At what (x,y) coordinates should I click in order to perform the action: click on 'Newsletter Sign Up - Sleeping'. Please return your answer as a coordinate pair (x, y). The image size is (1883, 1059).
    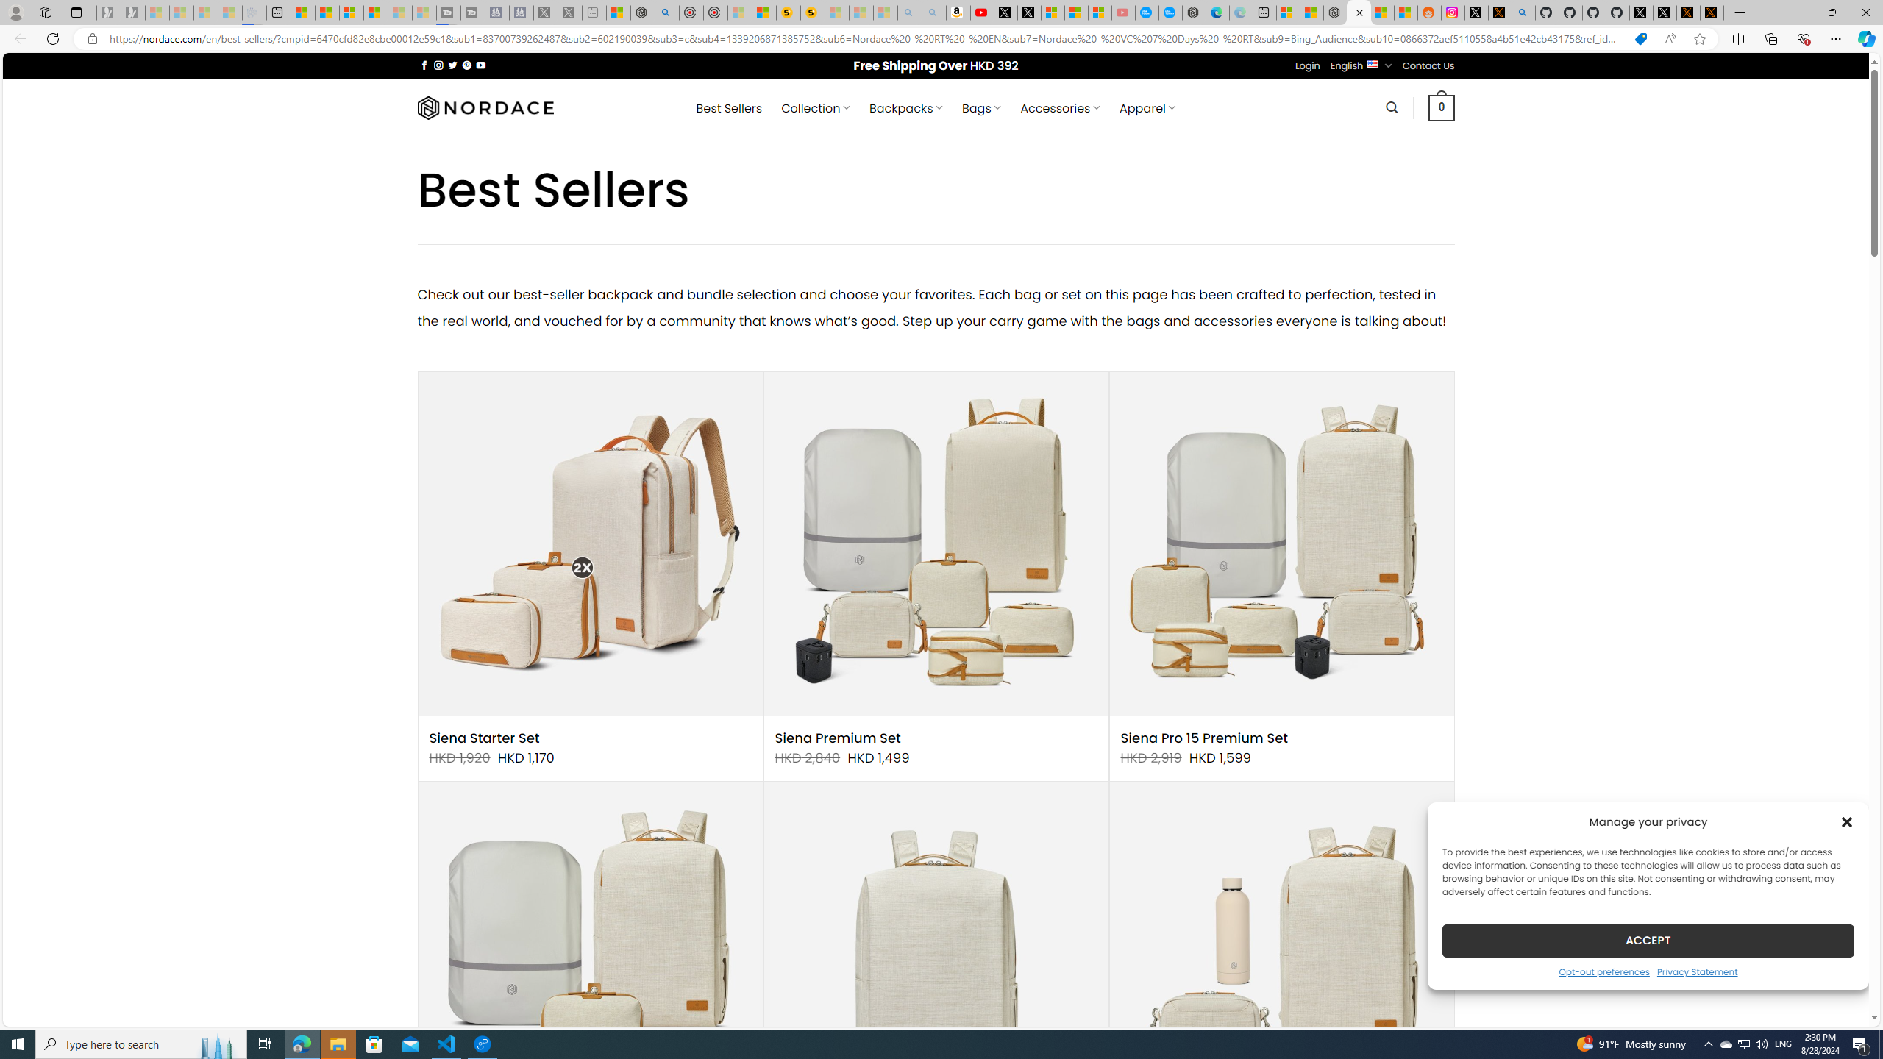
    Looking at the image, I should click on (132, 12).